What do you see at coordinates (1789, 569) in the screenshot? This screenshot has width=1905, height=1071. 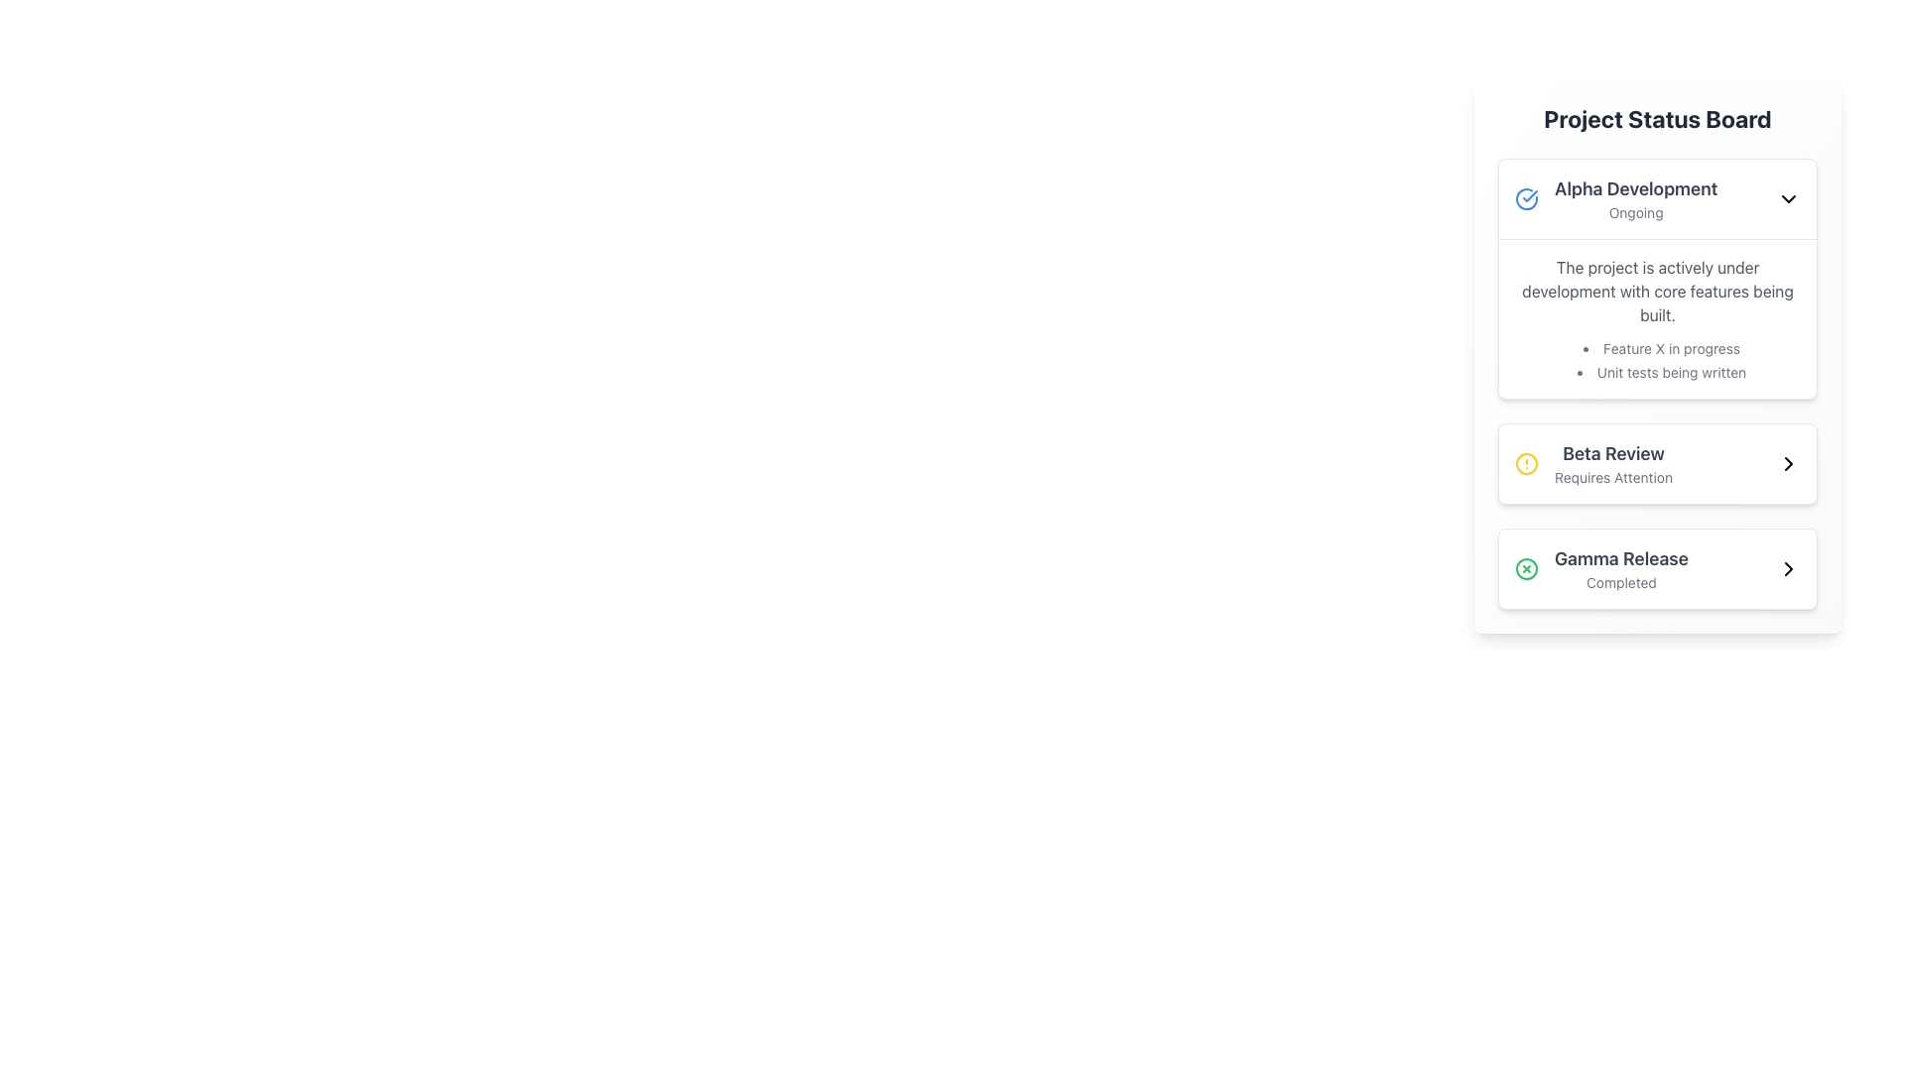 I see `the rightward-pointing chevron icon in the 'Gamma Release' section of the 'Project Status Board' for keyboard interaction` at bounding box center [1789, 569].